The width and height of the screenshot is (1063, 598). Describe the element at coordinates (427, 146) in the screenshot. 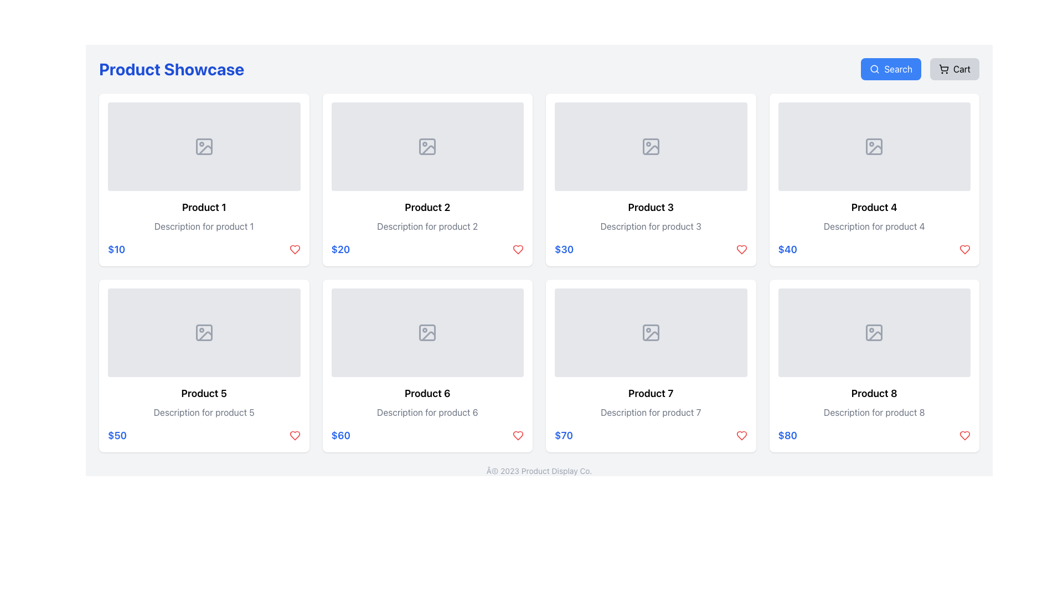

I see `the rectangle with rounded corners that serves as a placeholder image for 'Product 2' in the product grid` at that location.